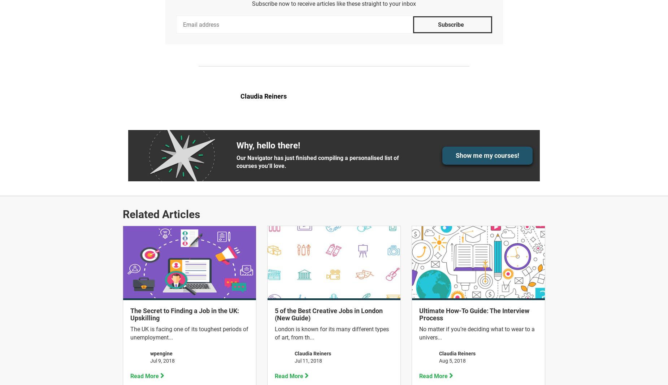 The image size is (668, 385). What do you see at coordinates (185, 314) in the screenshot?
I see `'The Secret to Finding a Job in the UK: Upskilling'` at bounding box center [185, 314].